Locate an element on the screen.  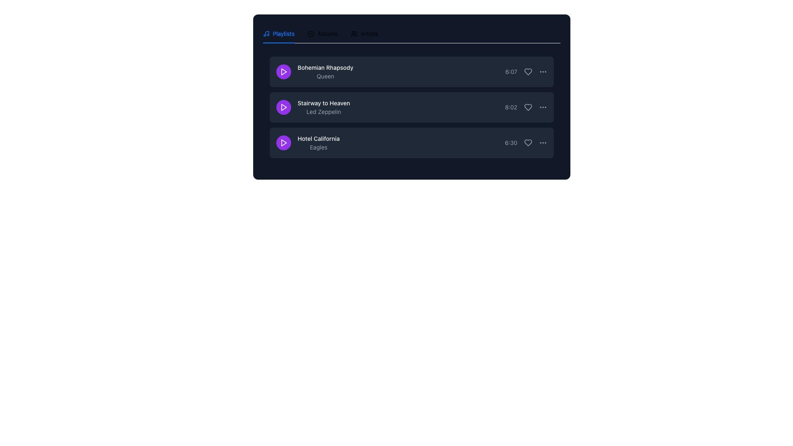
the heart-shaped icon button located on the right side of the first item in the playlist, between the duration text '6:07' and an ellipsis icon is located at coordinates (525, 71).